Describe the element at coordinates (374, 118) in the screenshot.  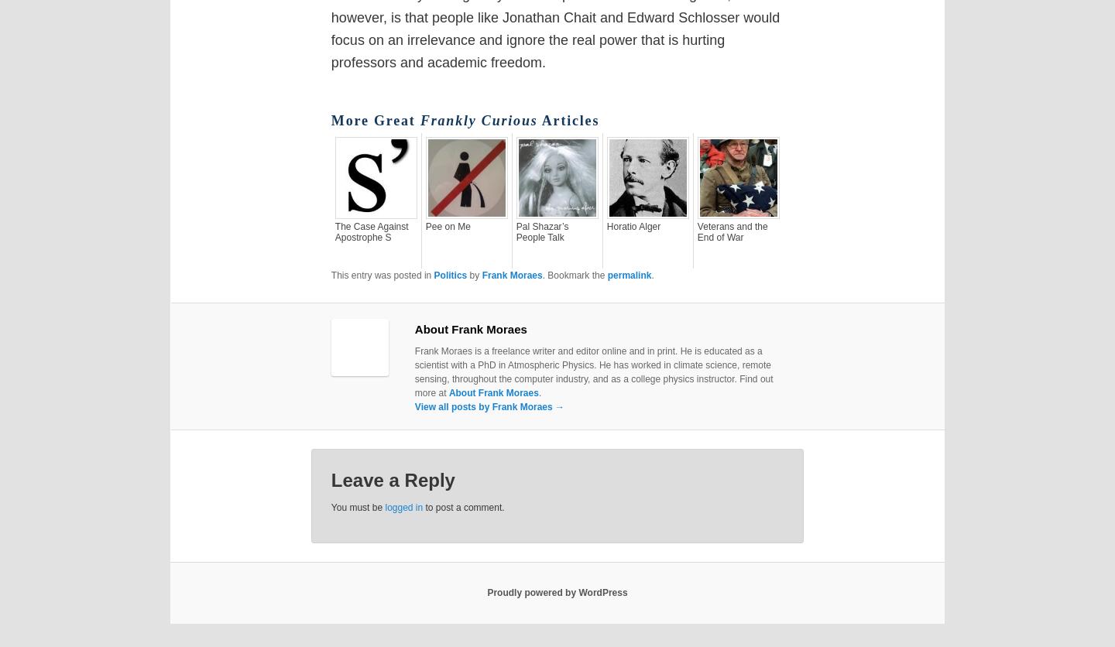
I see `'More Great'` at that location.